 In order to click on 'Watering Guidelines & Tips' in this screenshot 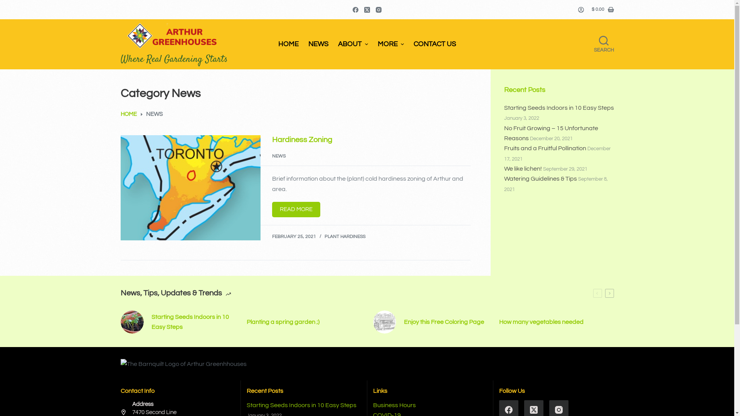, I will do `click(540, 178)`.